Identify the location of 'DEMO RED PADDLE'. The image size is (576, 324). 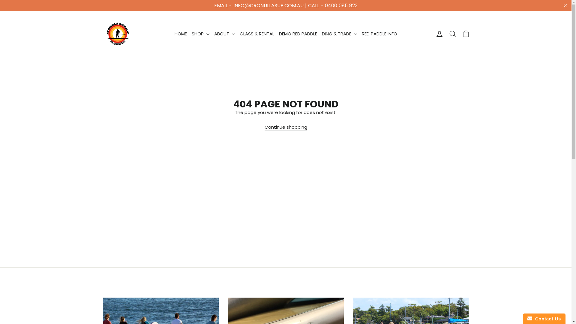
(298, 34).